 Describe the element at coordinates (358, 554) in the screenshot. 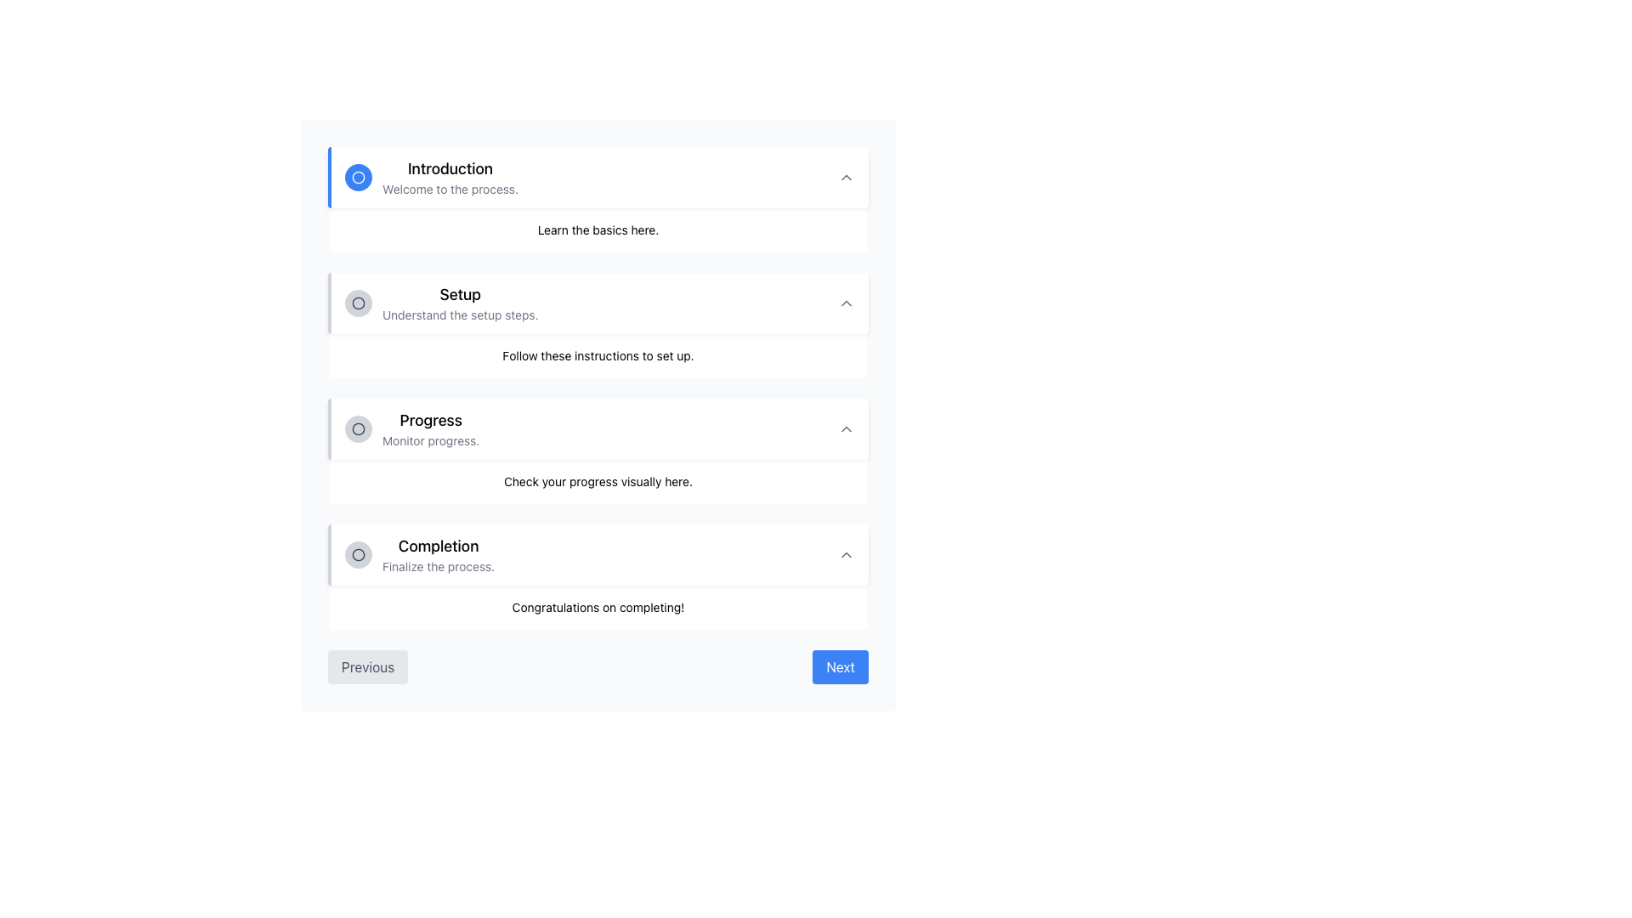

I see `the small circular icon with a bold outline located in the 'Completion' step of the vertical step-by-step list interface` at that location.